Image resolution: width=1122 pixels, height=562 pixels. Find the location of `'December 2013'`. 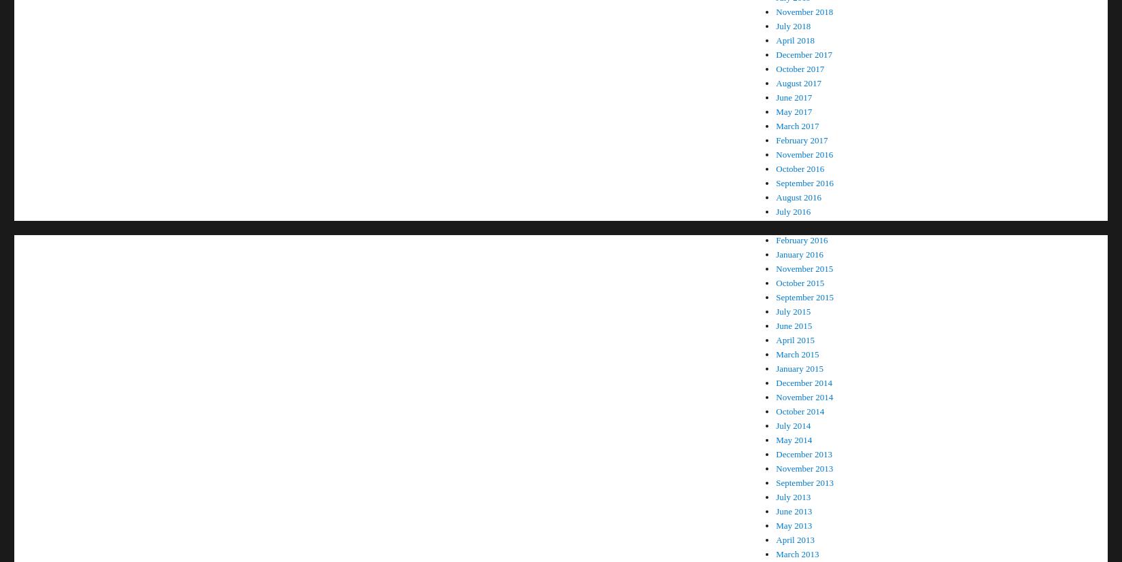

'December 2013' is located at coordinates (804, 454).